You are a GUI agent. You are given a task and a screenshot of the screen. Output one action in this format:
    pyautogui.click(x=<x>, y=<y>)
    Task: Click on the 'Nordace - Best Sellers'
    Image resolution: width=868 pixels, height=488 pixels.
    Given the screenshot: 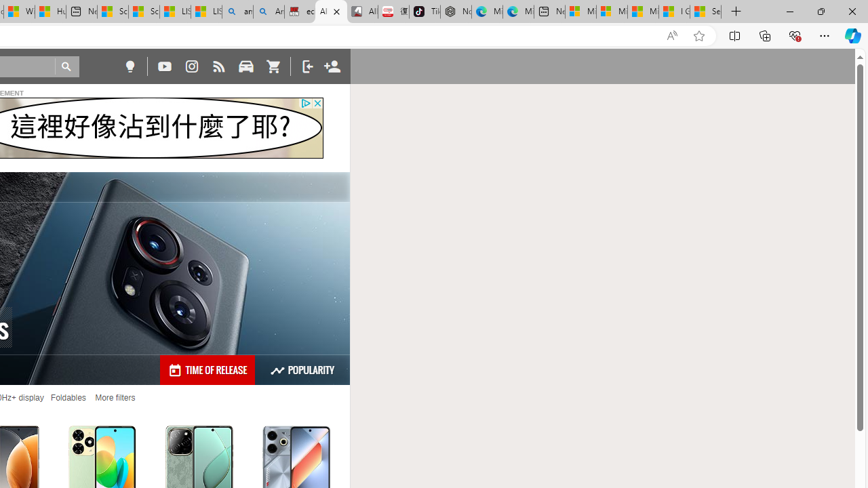 What is the action you would take?
    pyautogui.click(x=456, y=12)
    